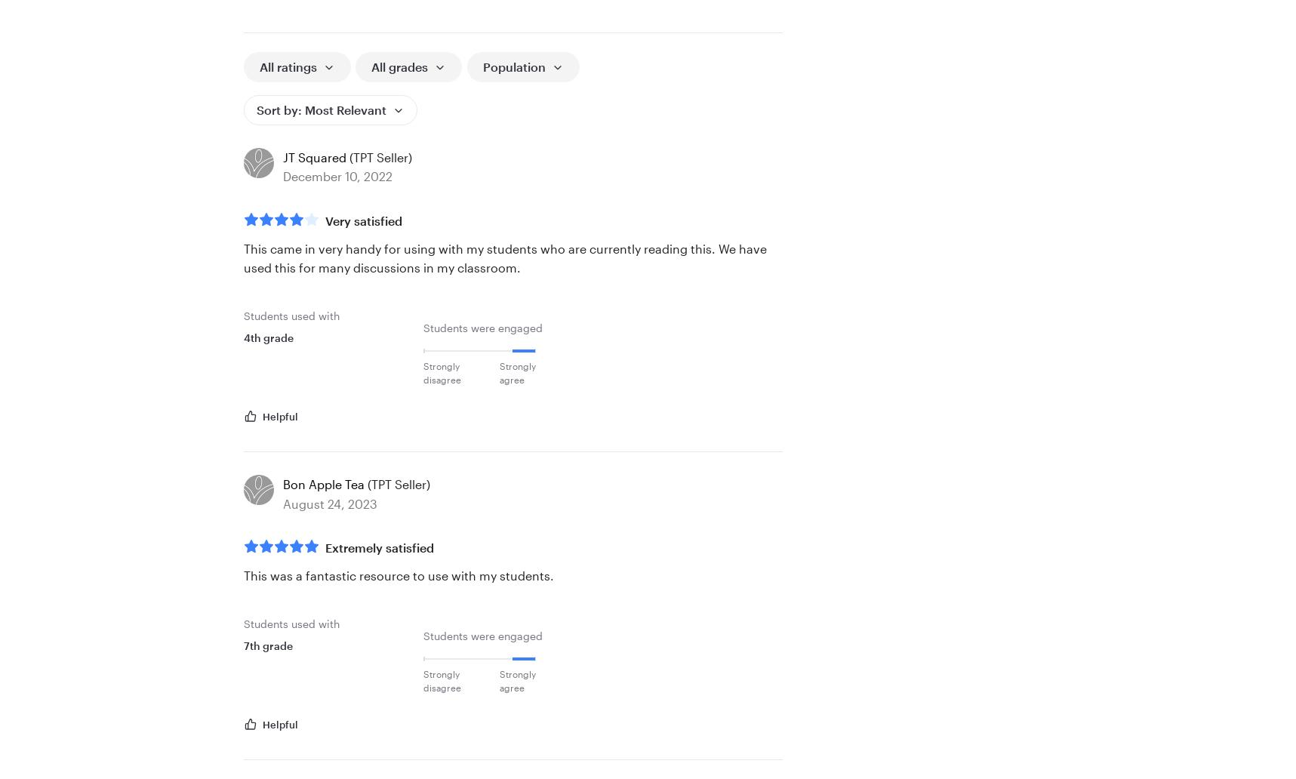  I want to click on 'Population', so click(513, 66).